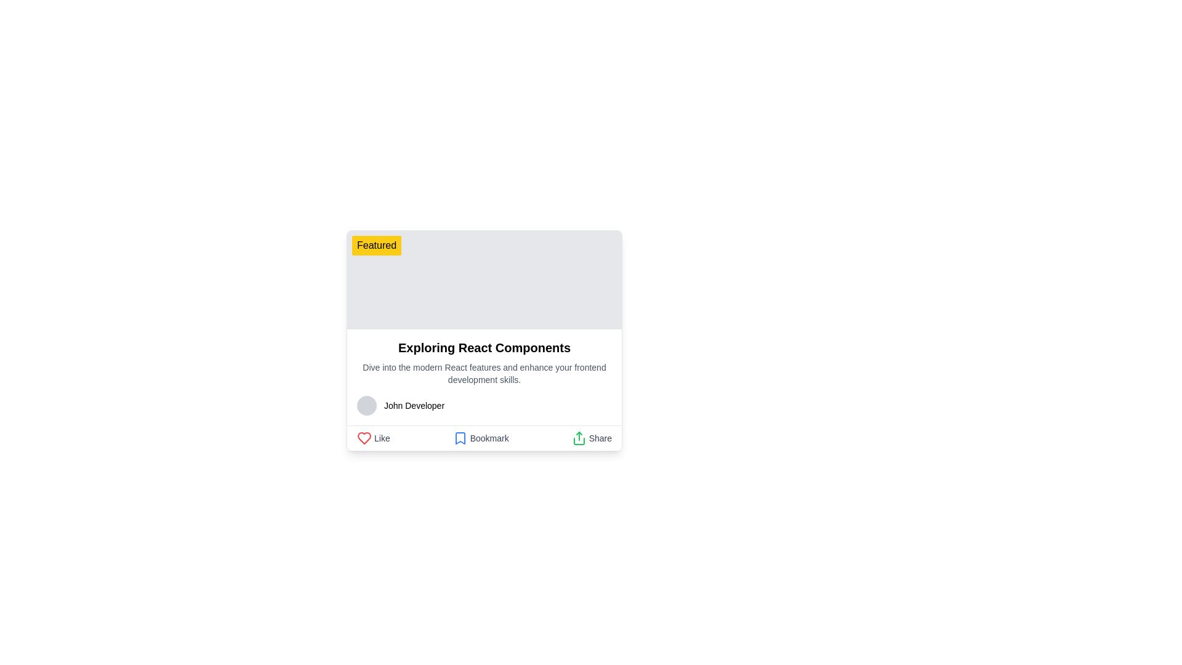  What do you see at coordinates (372, 438) in the screenshot?
I see `the 'Like' button with a red heart icon, which is the first interaction option at the bottom of the content card` at bounding box center [372, 438].